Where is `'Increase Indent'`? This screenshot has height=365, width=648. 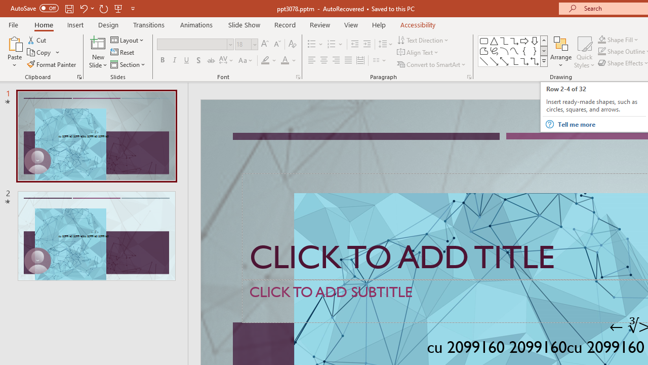
'Increase Indent' is located at coordinates (367, 44).